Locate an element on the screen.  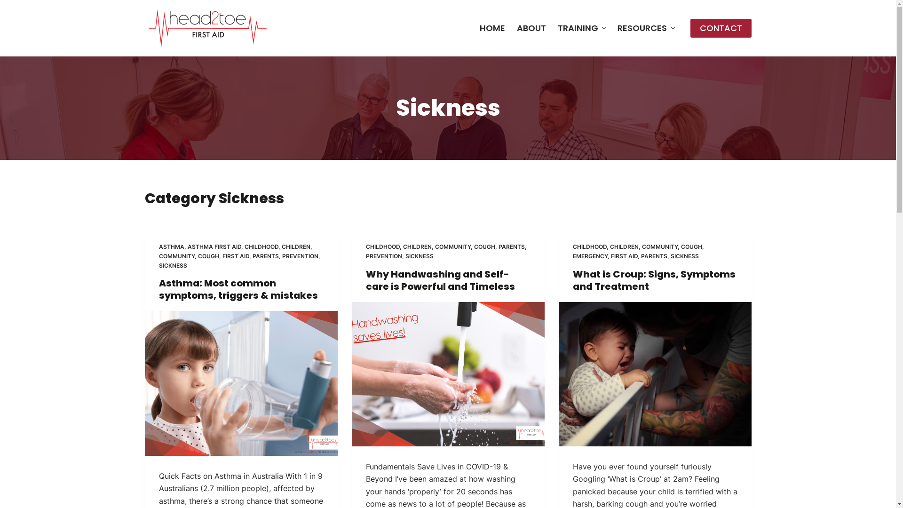
'SICKNESS' is located at coordinates (684, 256).